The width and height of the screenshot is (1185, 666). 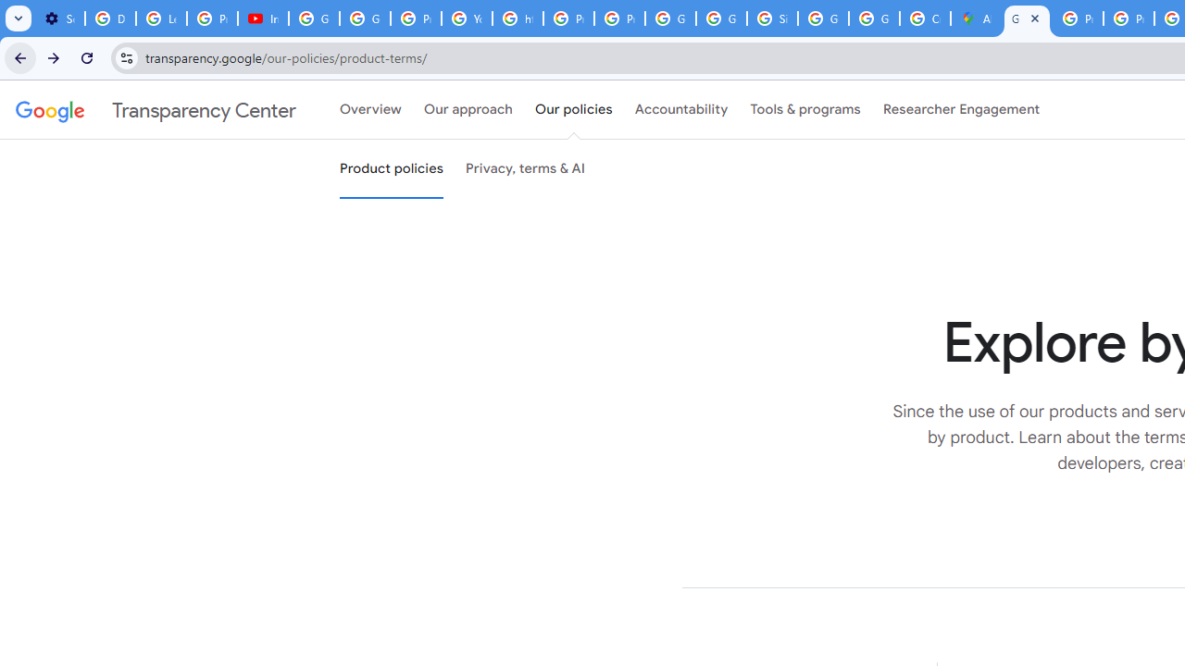 What do you see at coordinates (370, 110) in the screenshot?
I see `'Overview'` at bounding box center [370, 110].